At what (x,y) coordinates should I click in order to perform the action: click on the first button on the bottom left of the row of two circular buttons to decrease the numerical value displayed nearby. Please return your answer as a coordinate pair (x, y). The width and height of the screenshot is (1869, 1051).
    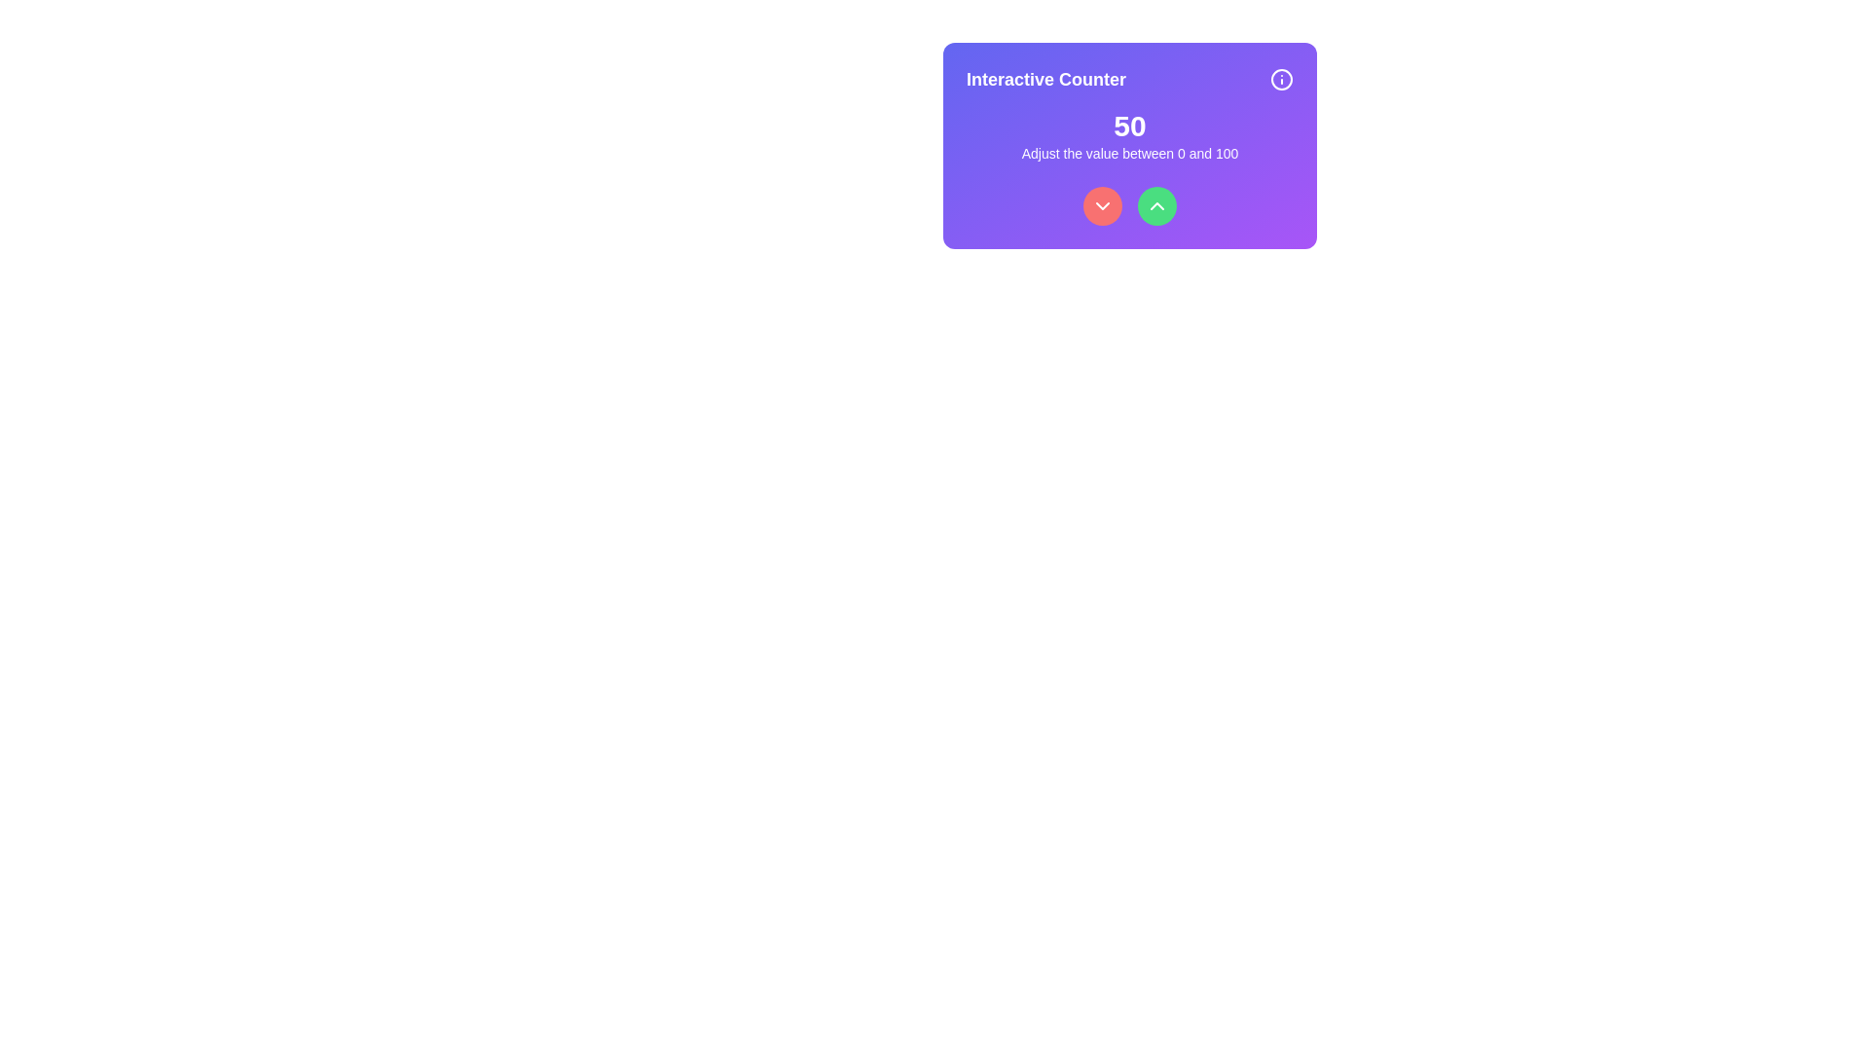
    Looking at the image, I should click on (1102, 206).